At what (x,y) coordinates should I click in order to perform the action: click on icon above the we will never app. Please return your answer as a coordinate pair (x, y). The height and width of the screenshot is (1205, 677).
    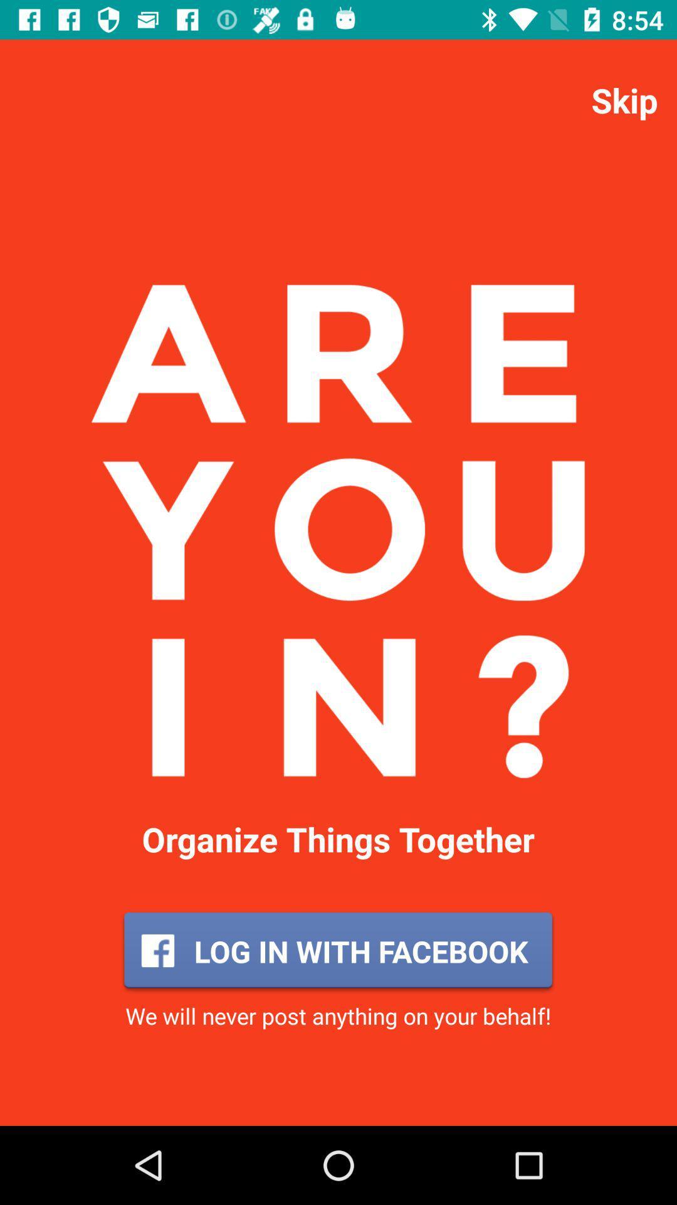
    Looking at the image, I should click on (337, 951).